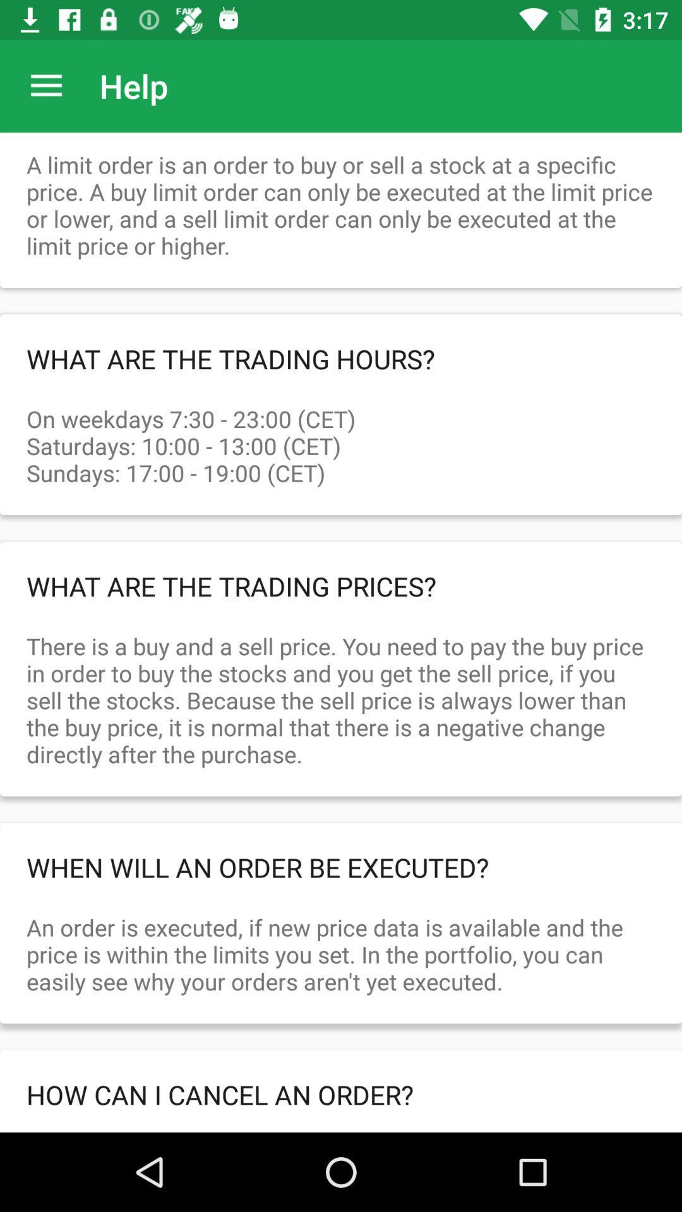 This screenshot has height=1212, width=682. What do you see at coordinates (341, 432) in the screenshot?
I see `the item below what are the icon` at bounding box center [341, 432].